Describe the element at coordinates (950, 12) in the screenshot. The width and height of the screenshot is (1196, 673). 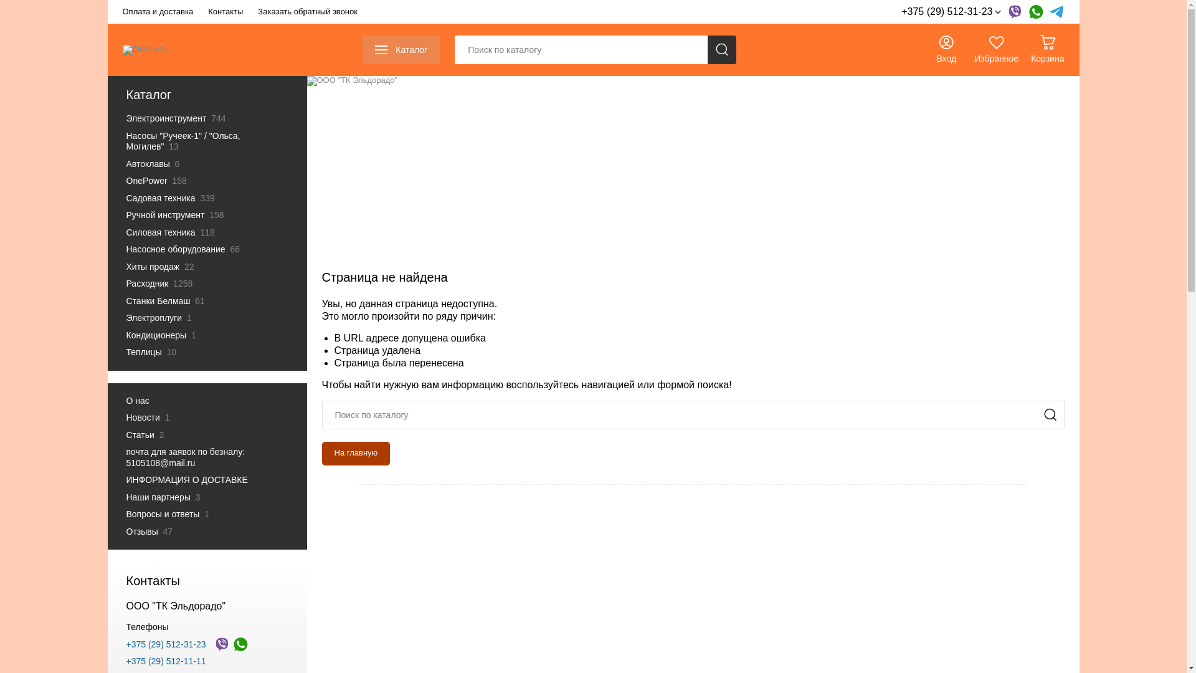
I see `'+375 (29) 512-31-23'` at that location.